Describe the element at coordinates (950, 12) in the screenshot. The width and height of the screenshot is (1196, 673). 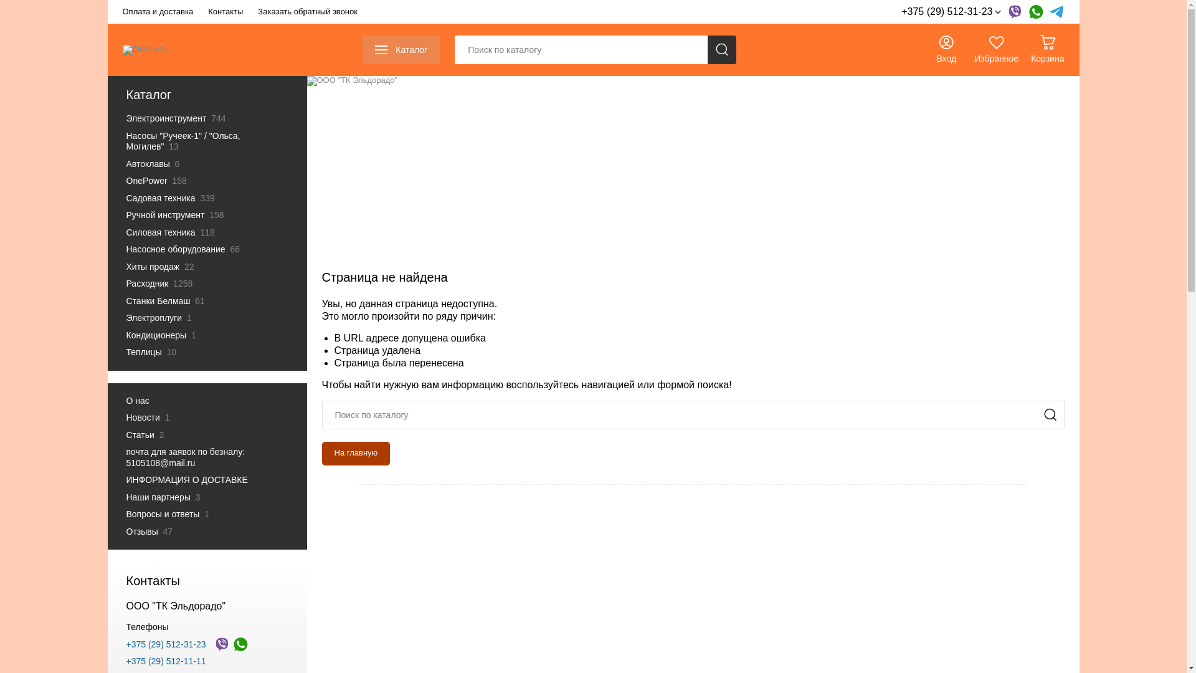
I see `'+375 (29) 512-31-23'` at that location.